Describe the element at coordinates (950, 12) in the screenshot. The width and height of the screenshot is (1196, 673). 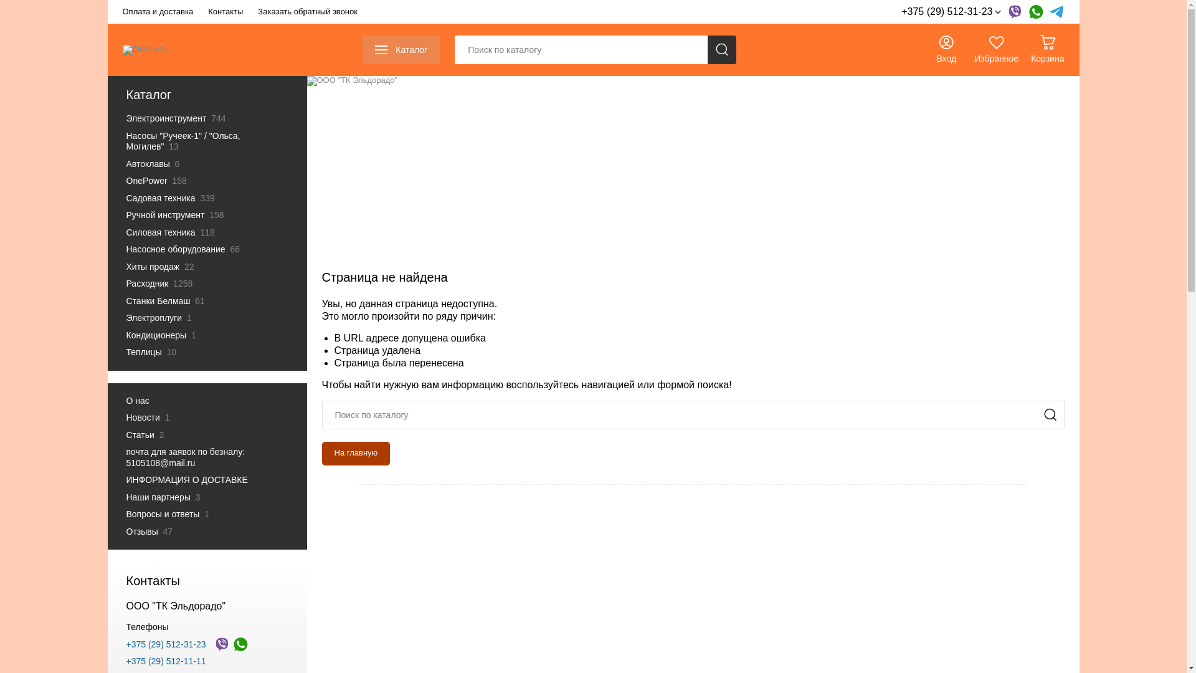
I see `'+375 (29) 512-31-23'` at that location.